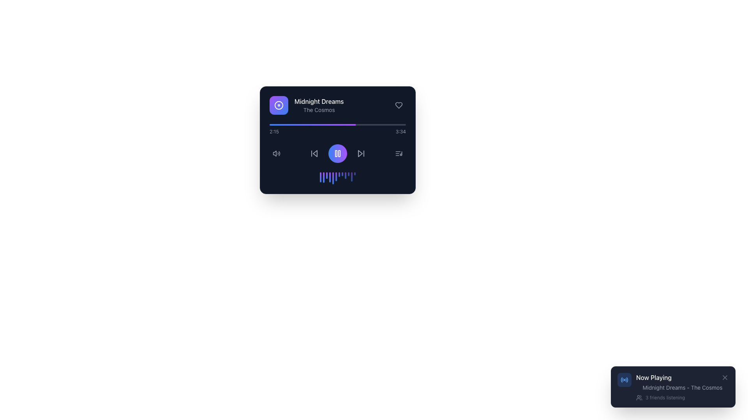 This screenshot has height=420, width=748. What do you see at coordinates (376, 124) in the screenshot?
I see `progress` at bounding box center [376, 124].